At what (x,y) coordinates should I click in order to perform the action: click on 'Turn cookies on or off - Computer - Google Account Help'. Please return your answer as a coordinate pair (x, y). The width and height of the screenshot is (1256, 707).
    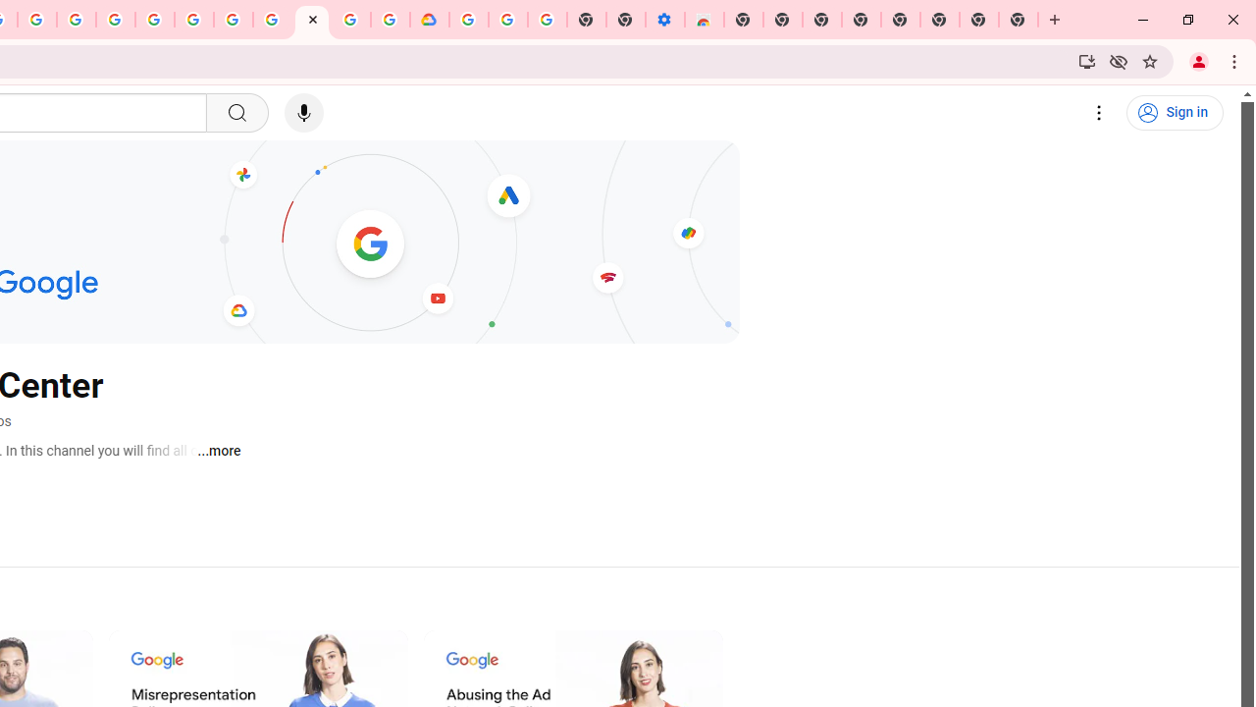
    Looking at the image, I should click on (548, 20).